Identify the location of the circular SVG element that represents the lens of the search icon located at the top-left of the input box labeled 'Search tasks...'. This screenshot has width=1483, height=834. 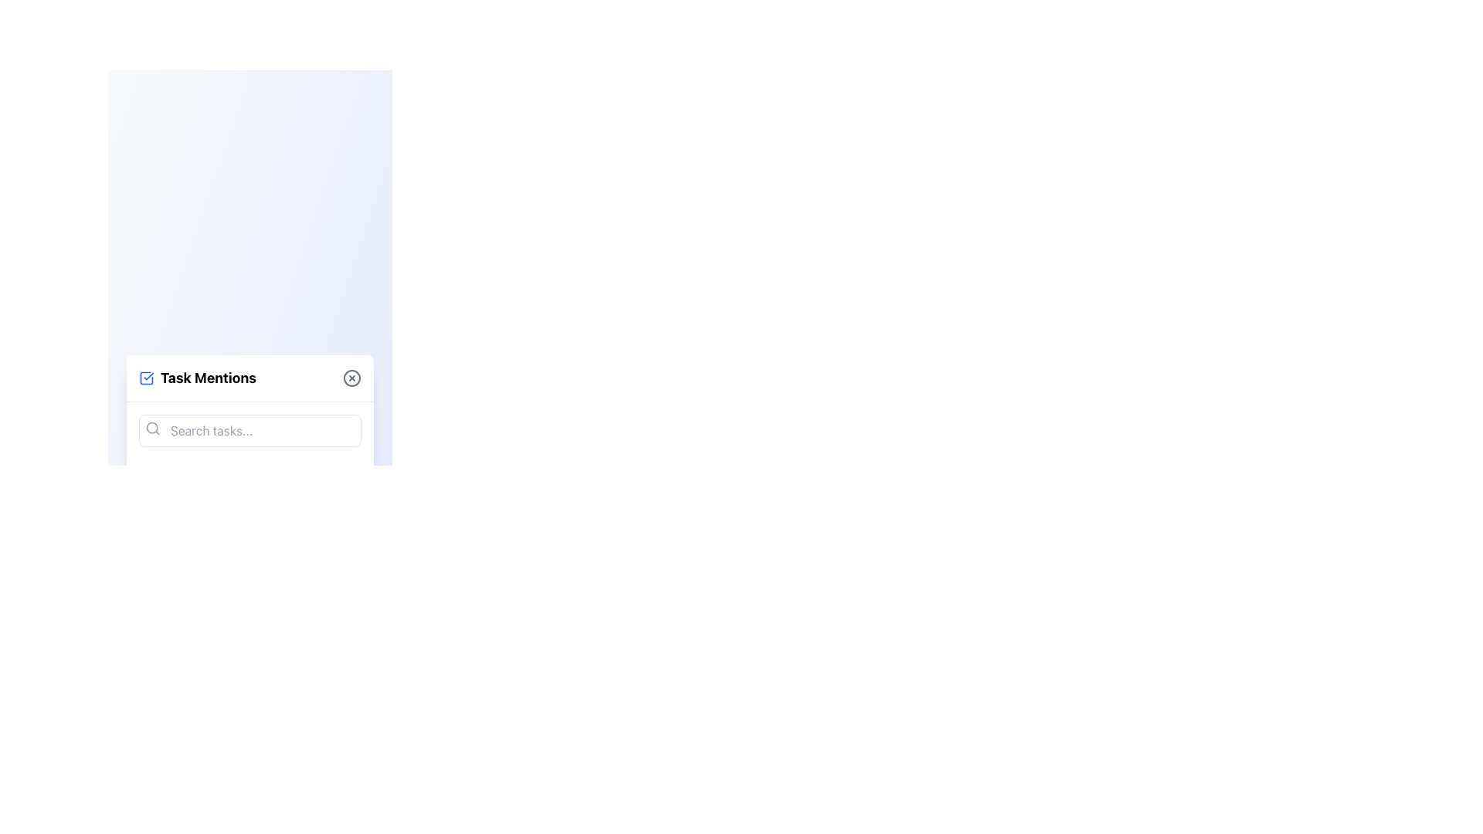
(152, 427).